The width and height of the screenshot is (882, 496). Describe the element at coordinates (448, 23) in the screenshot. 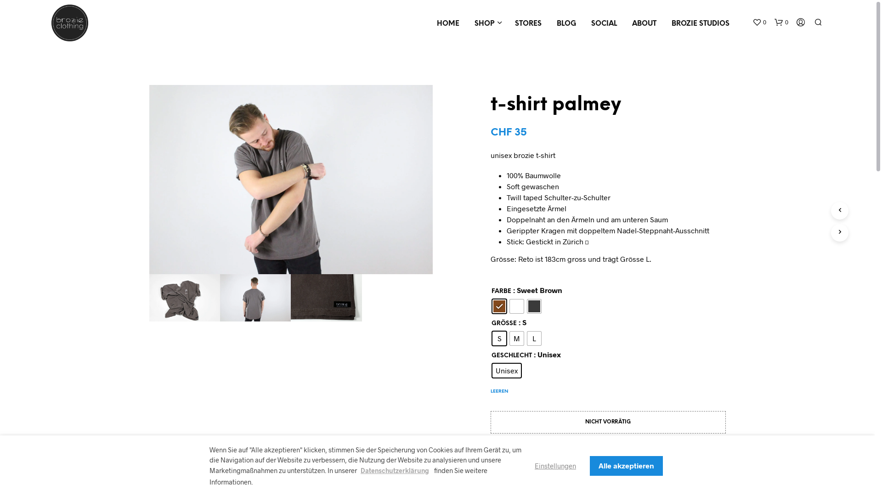

I see `'HOME'` at that location.